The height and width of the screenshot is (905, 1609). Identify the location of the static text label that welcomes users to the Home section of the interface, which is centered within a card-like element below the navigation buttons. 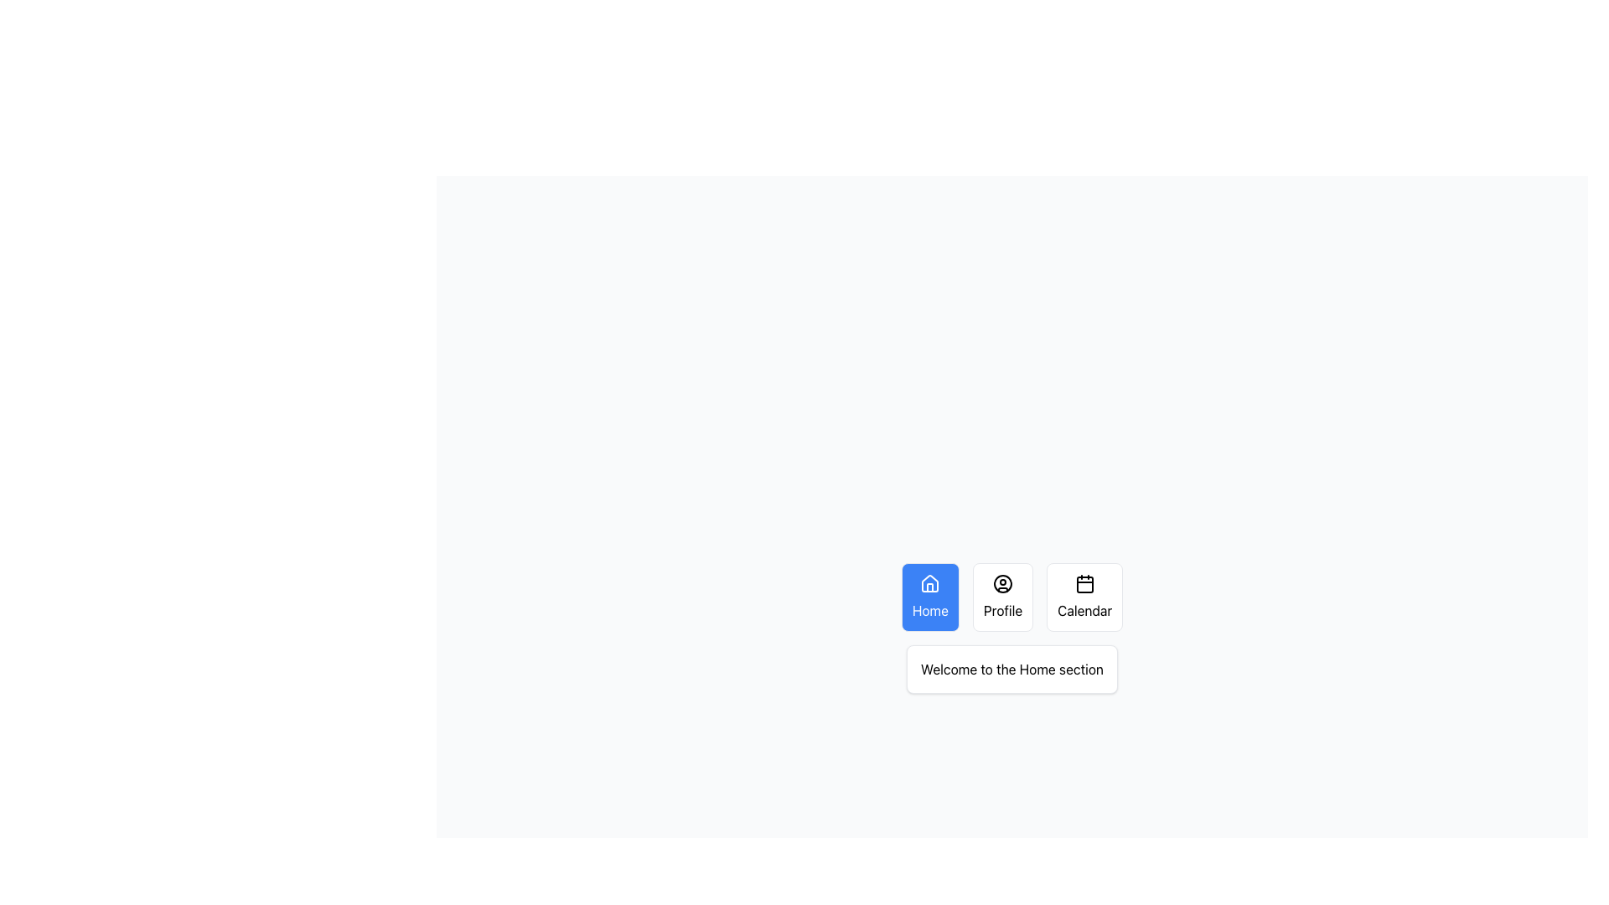
(1011, 668).